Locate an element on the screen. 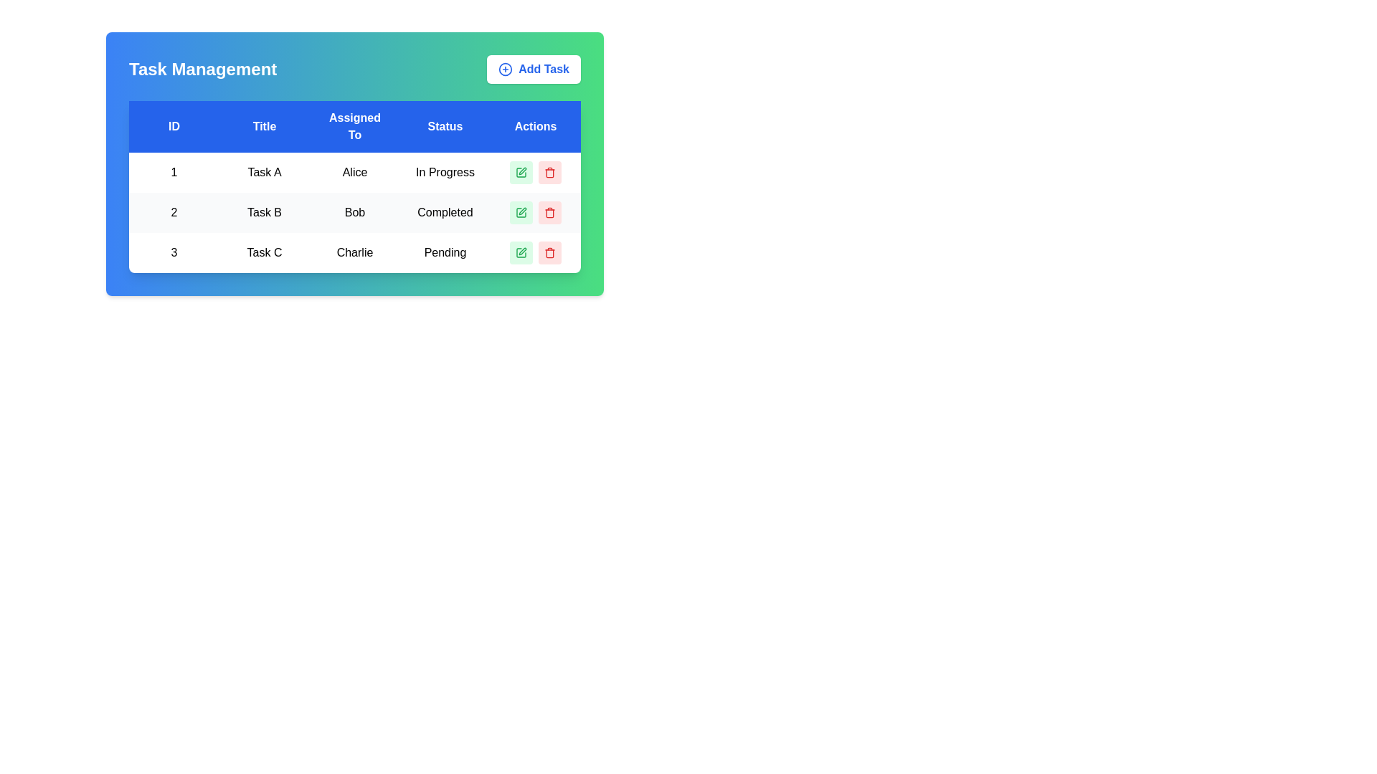  the 'Actions' text label, which is displayed in bold white font on a blue background and located at the far-right of the header row of the table is located at coordinates (535, 126).